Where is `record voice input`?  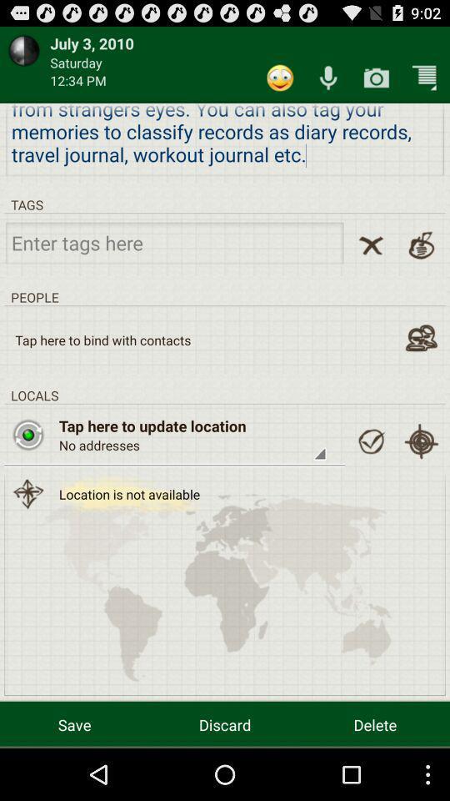
record voice input is located at coordinates (328, 78).